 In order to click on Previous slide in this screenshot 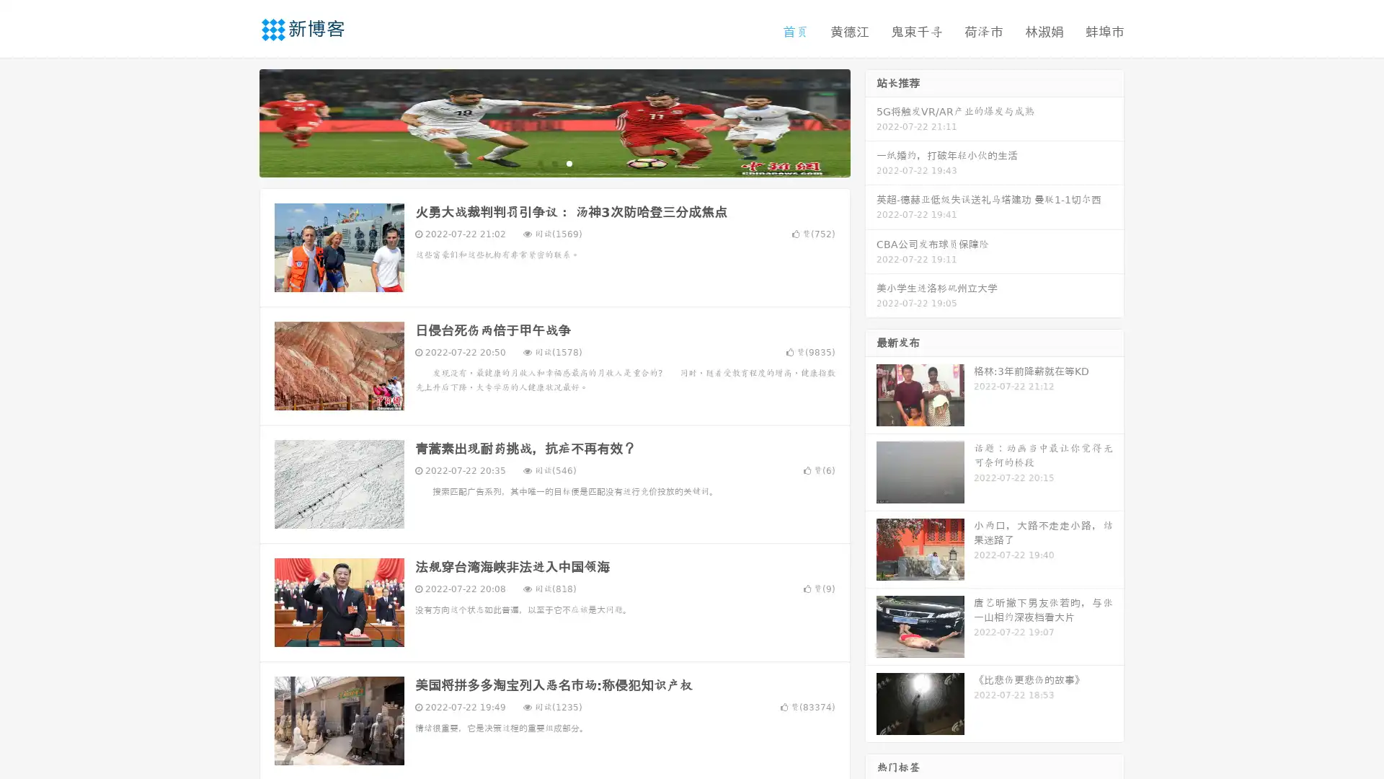, I will do `click(238, 121)`.